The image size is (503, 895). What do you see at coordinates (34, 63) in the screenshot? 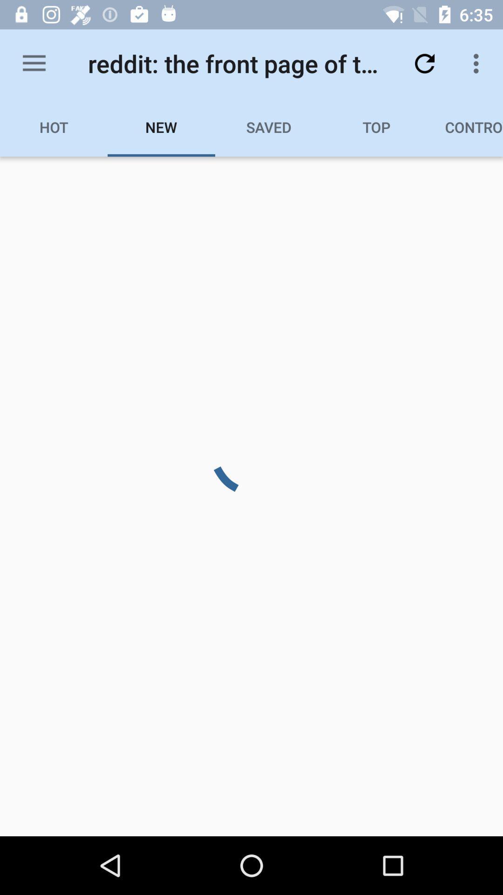
I see `the item to the left of the reddit the front` at bounding box center [34, 63].